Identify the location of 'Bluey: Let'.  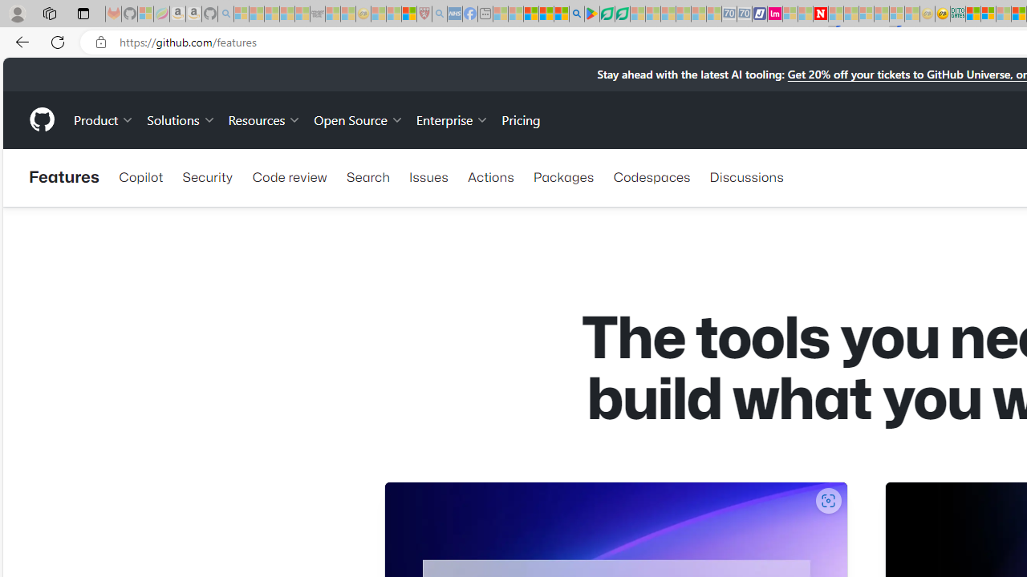
(591, 14).